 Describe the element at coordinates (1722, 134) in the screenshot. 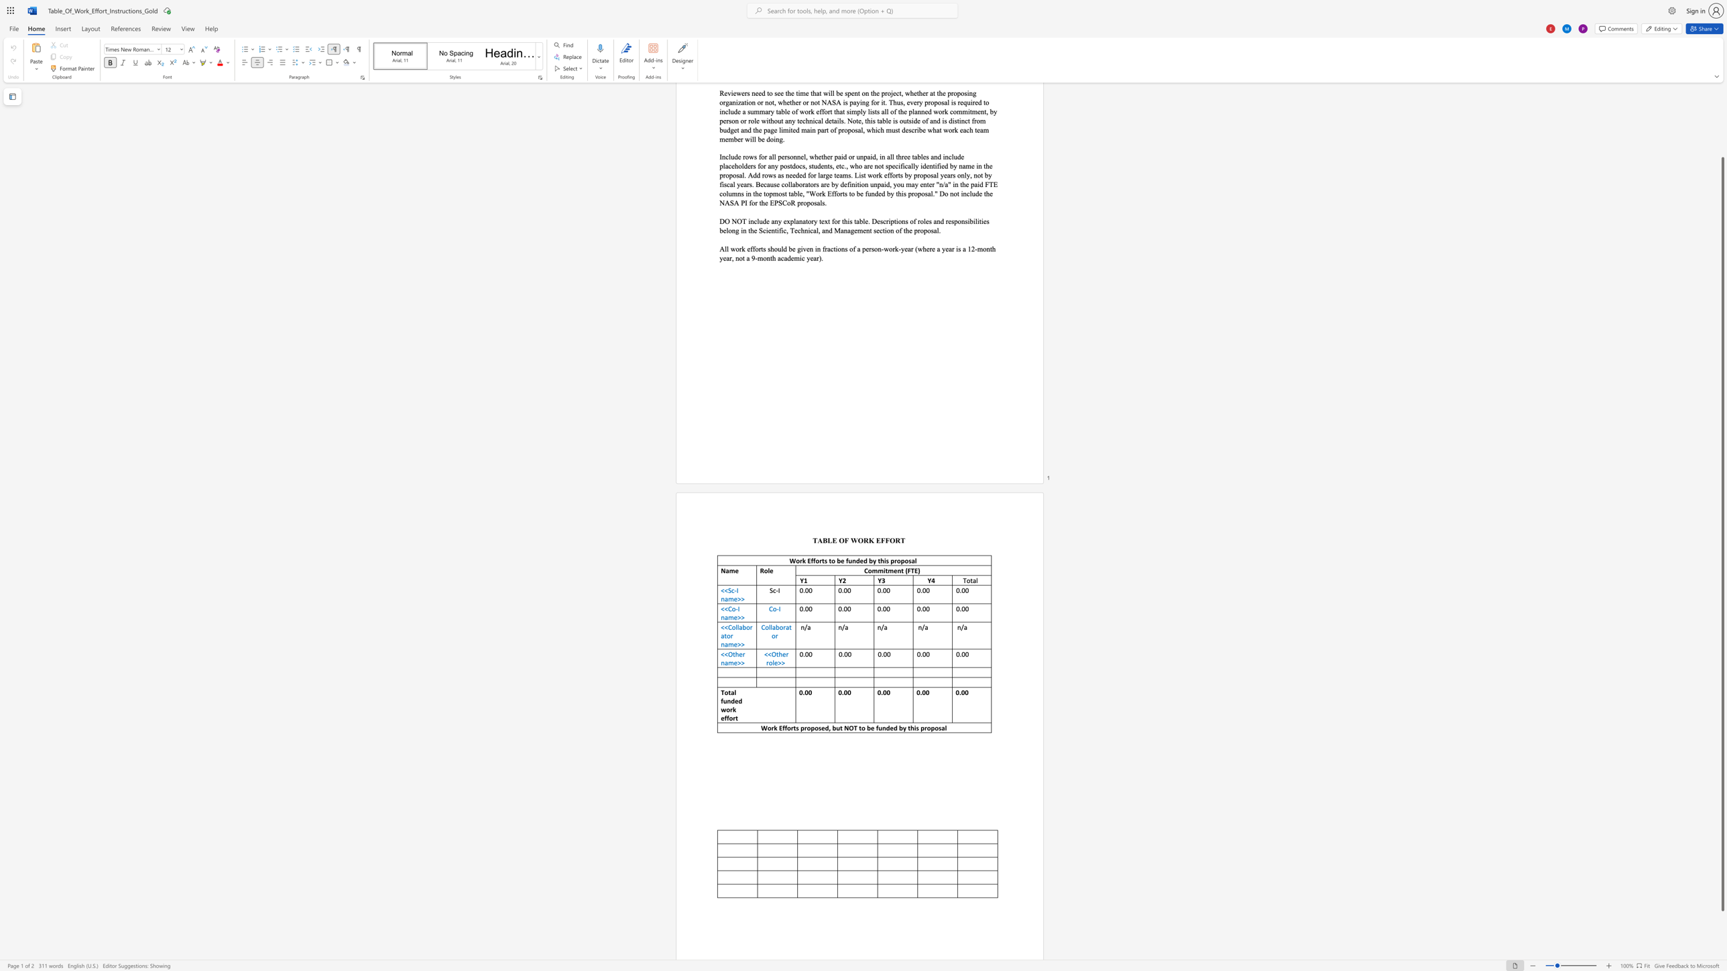

I see `the scrollbar to slide the page up` at that location.